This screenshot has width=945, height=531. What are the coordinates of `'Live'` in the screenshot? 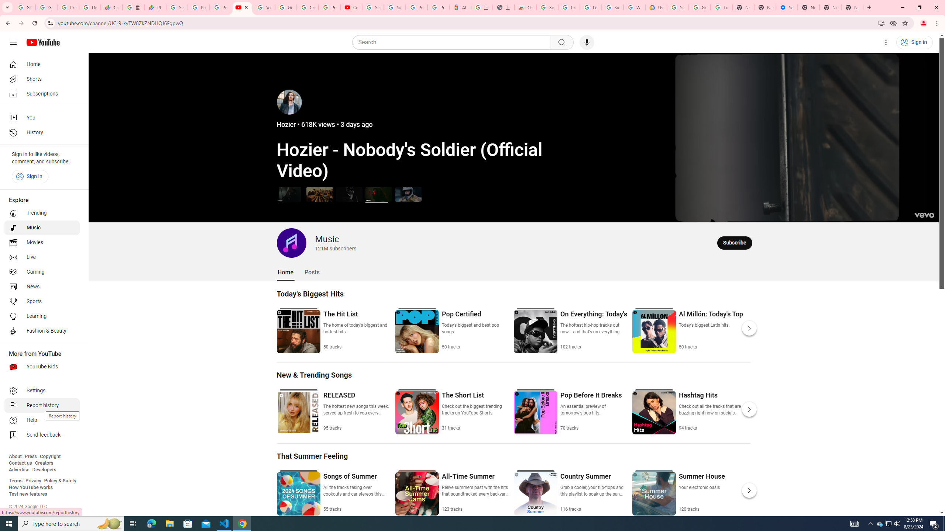 It's located at (42, 257).